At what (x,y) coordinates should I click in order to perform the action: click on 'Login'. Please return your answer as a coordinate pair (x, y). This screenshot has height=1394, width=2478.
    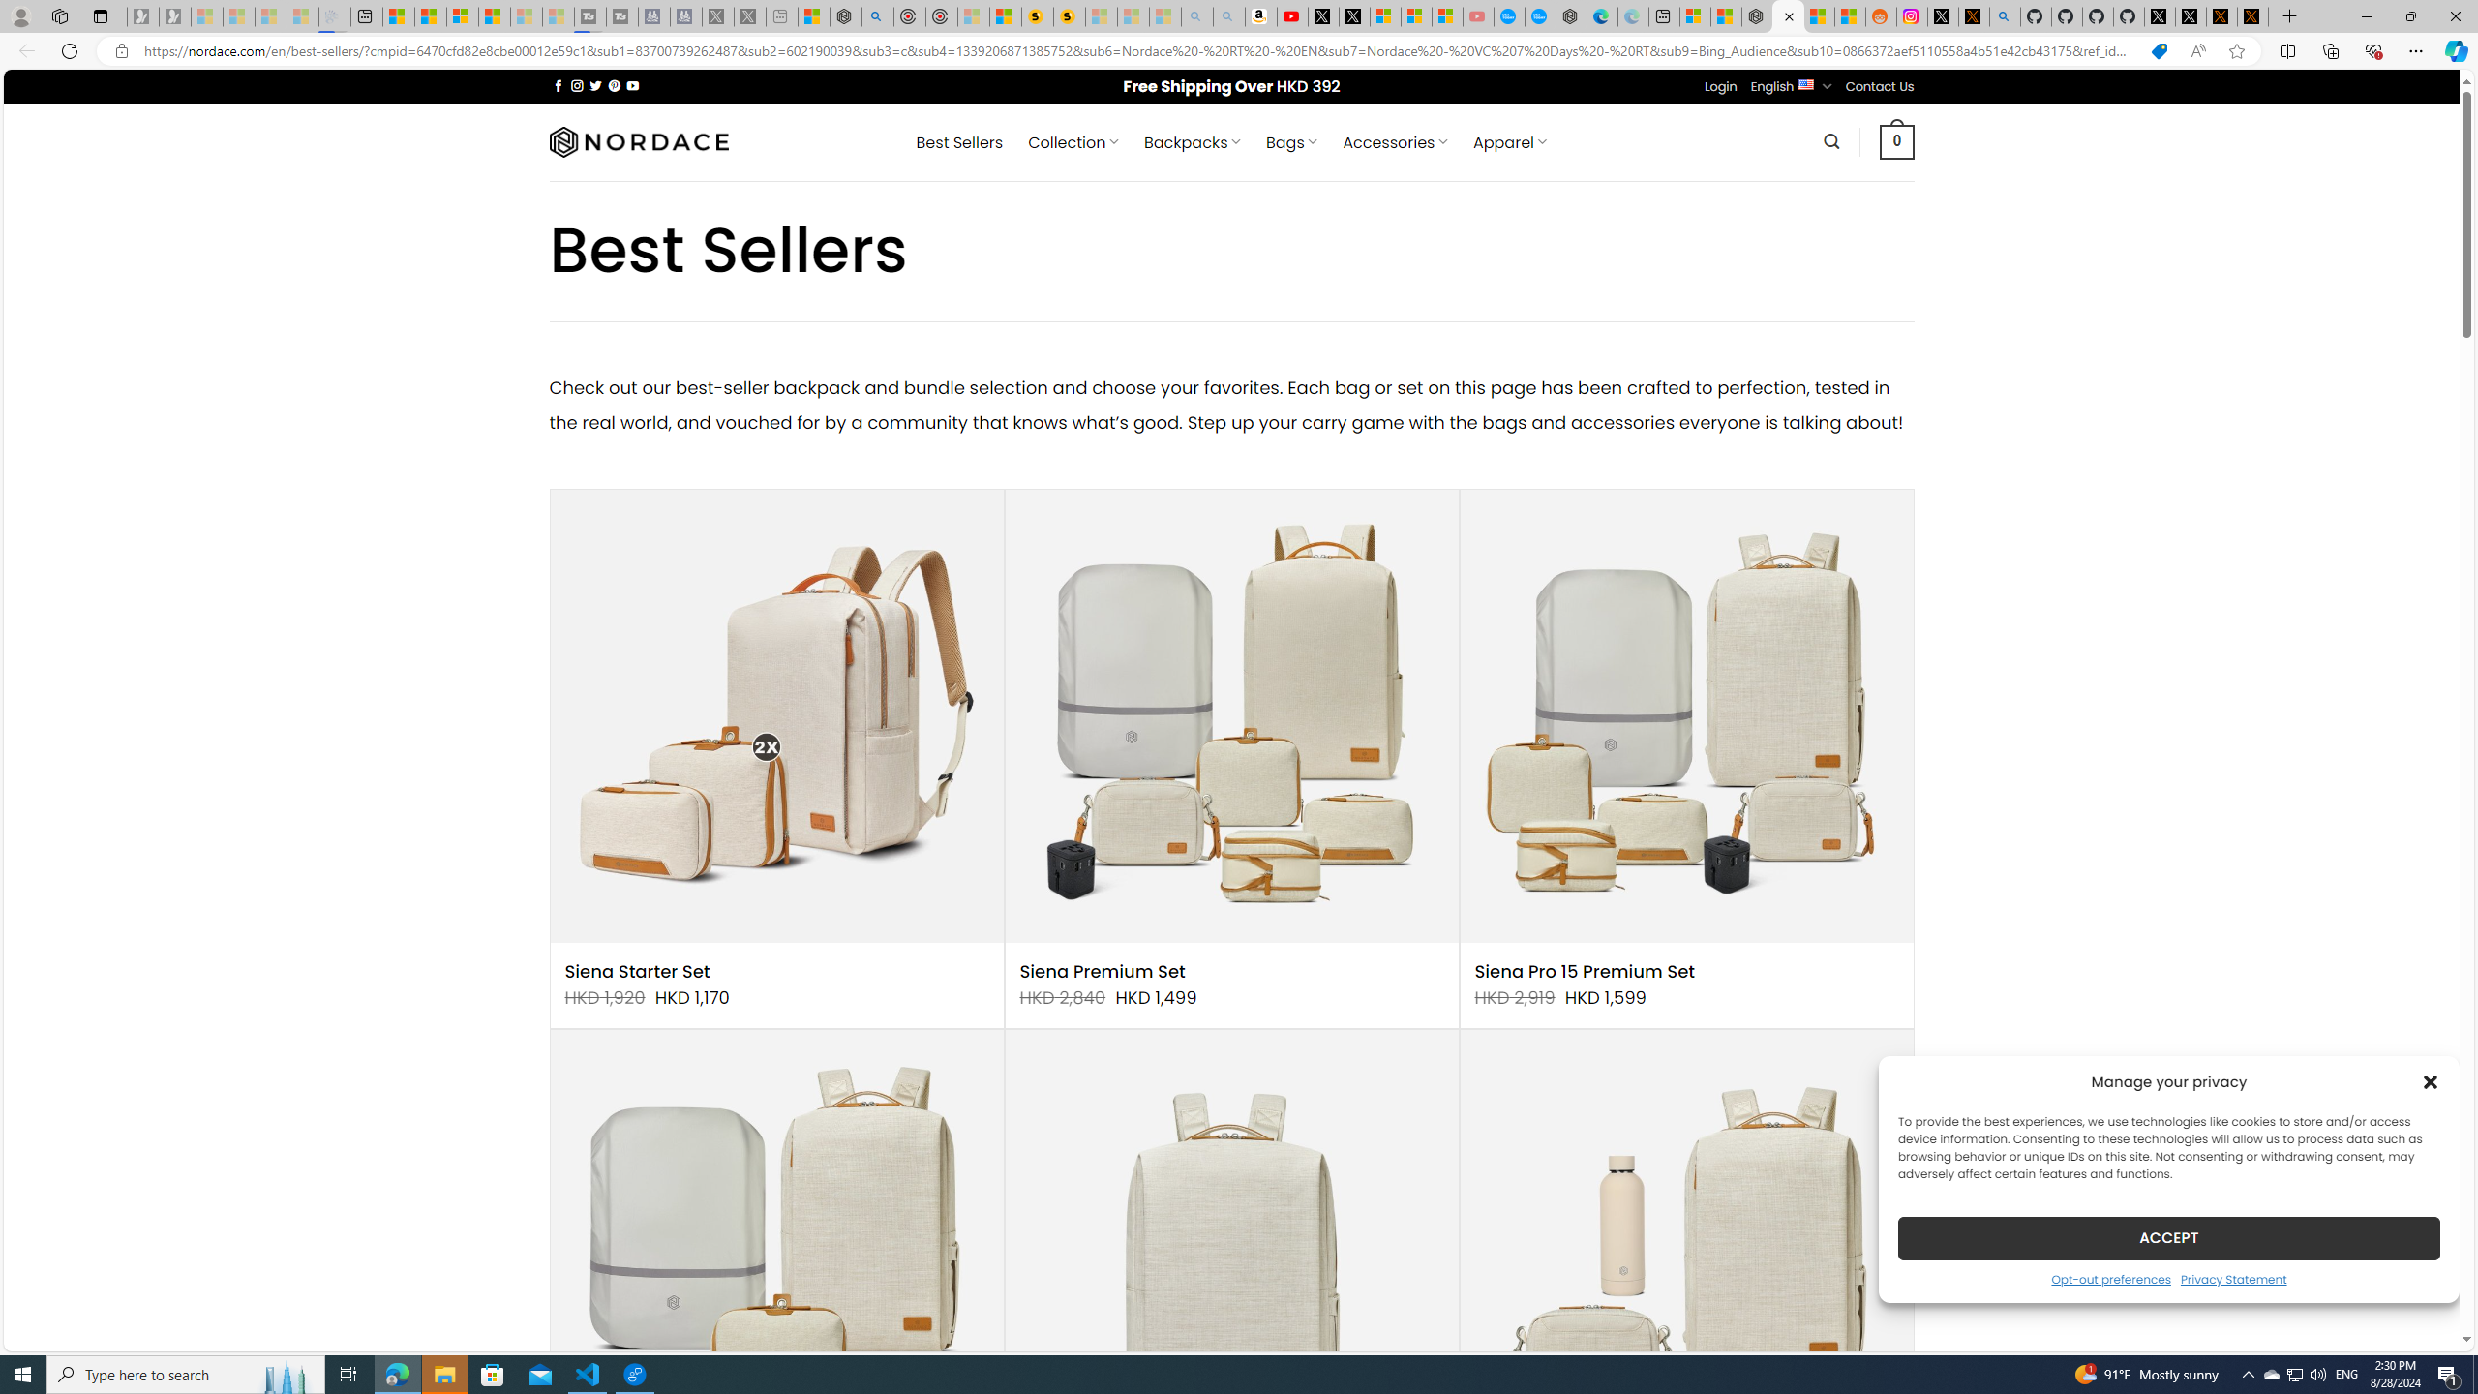
    Looking at the image, I should click on (1720, 85).